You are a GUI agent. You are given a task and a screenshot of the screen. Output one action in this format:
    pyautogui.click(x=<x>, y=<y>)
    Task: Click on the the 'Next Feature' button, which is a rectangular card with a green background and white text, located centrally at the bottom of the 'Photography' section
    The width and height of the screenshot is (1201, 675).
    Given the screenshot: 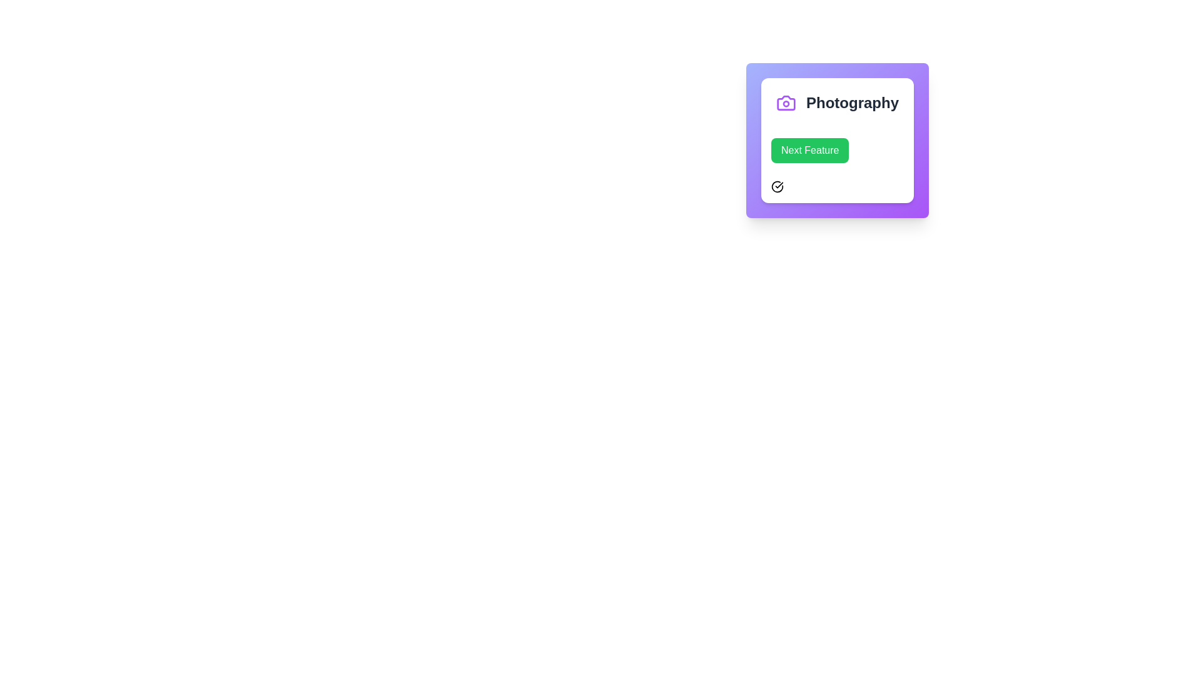 What is the action you would take?
    pyautogui.click(x=838, y=165)
    